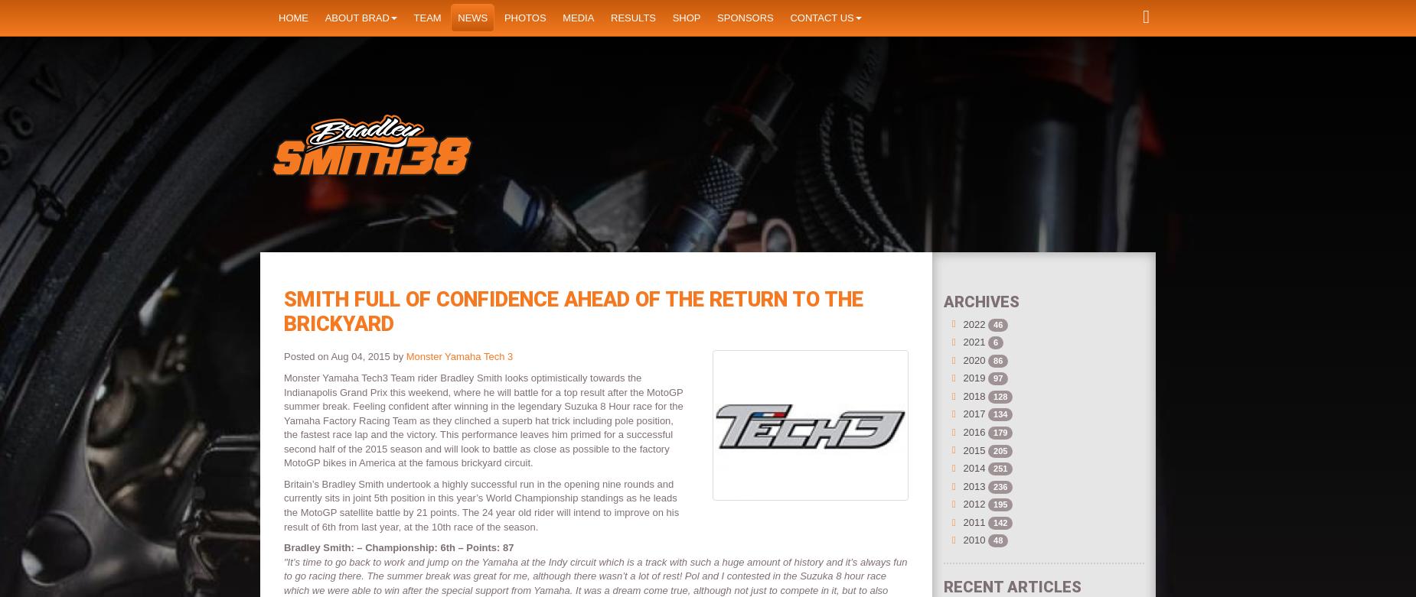  I want to click on 'Contact us', so click(821, 17).